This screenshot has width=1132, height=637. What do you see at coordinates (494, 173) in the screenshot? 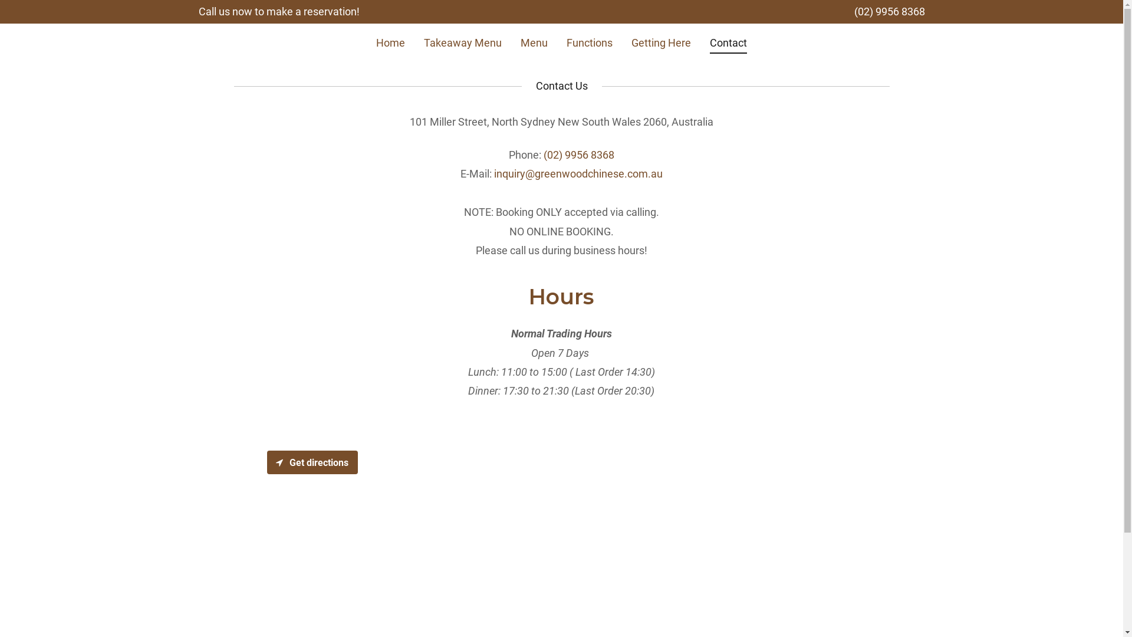
I see `'inquiry@greenwoodchinese.com.au'` at bounding box center [494, 173].